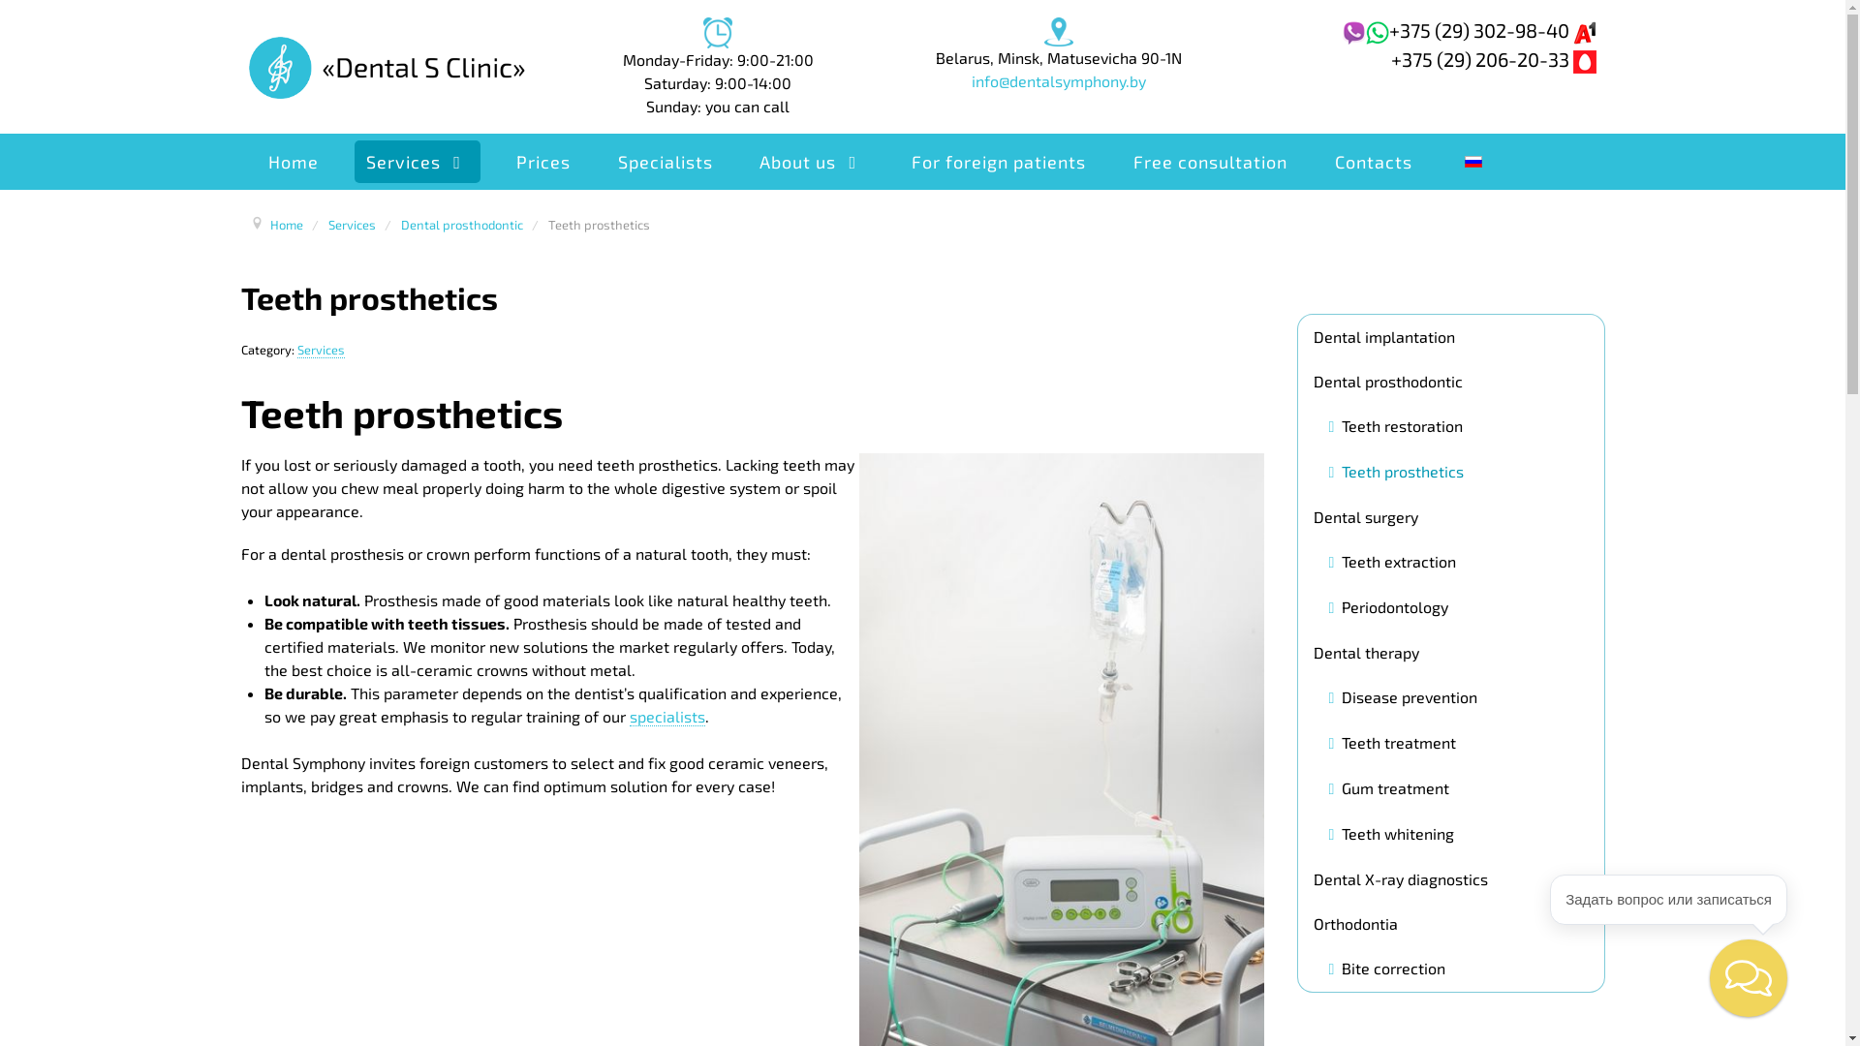 The width and height of the screenshot is (1860, 1046). What do you see at coordinates (1320, 160) in the screenshot?
I see `'Contacts'` at bounding box center [1320, 160].